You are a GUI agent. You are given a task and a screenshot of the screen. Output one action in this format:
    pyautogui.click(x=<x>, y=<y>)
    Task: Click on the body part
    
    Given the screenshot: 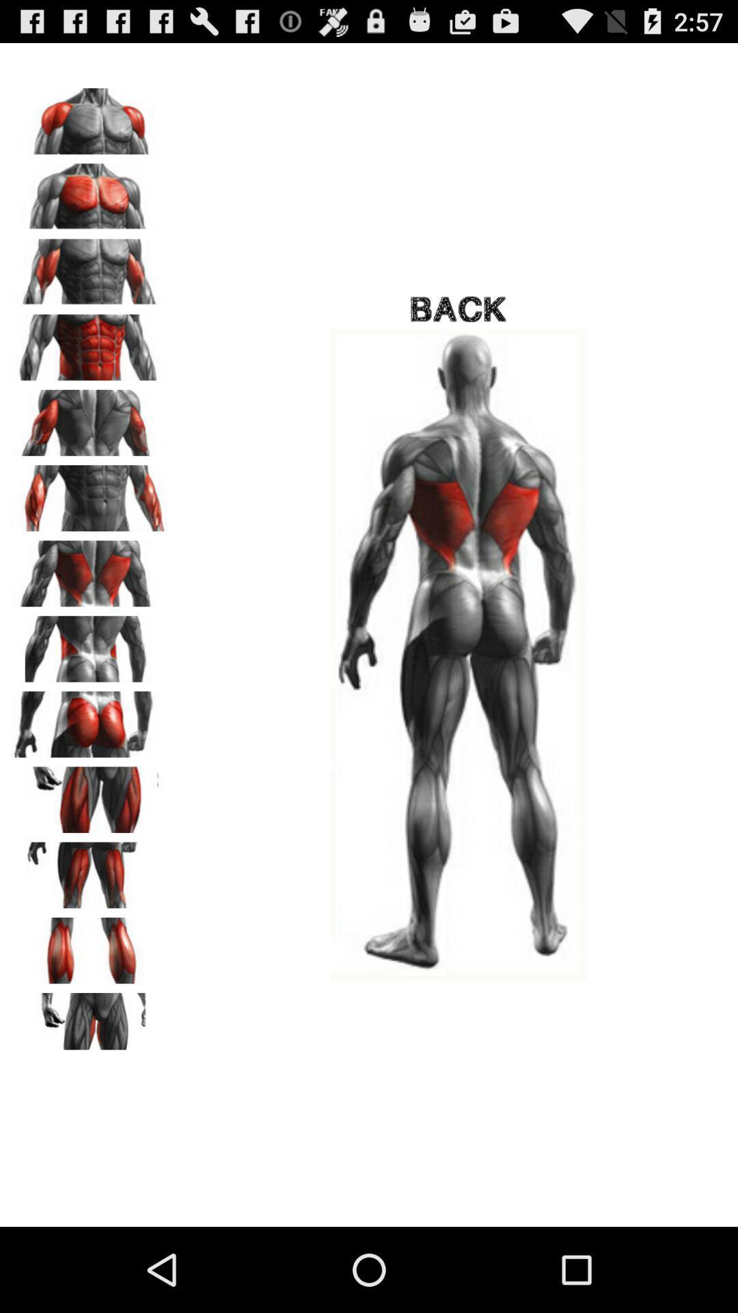 What is the action you would take?
    pyautogui.click(x=90, y=343)
    